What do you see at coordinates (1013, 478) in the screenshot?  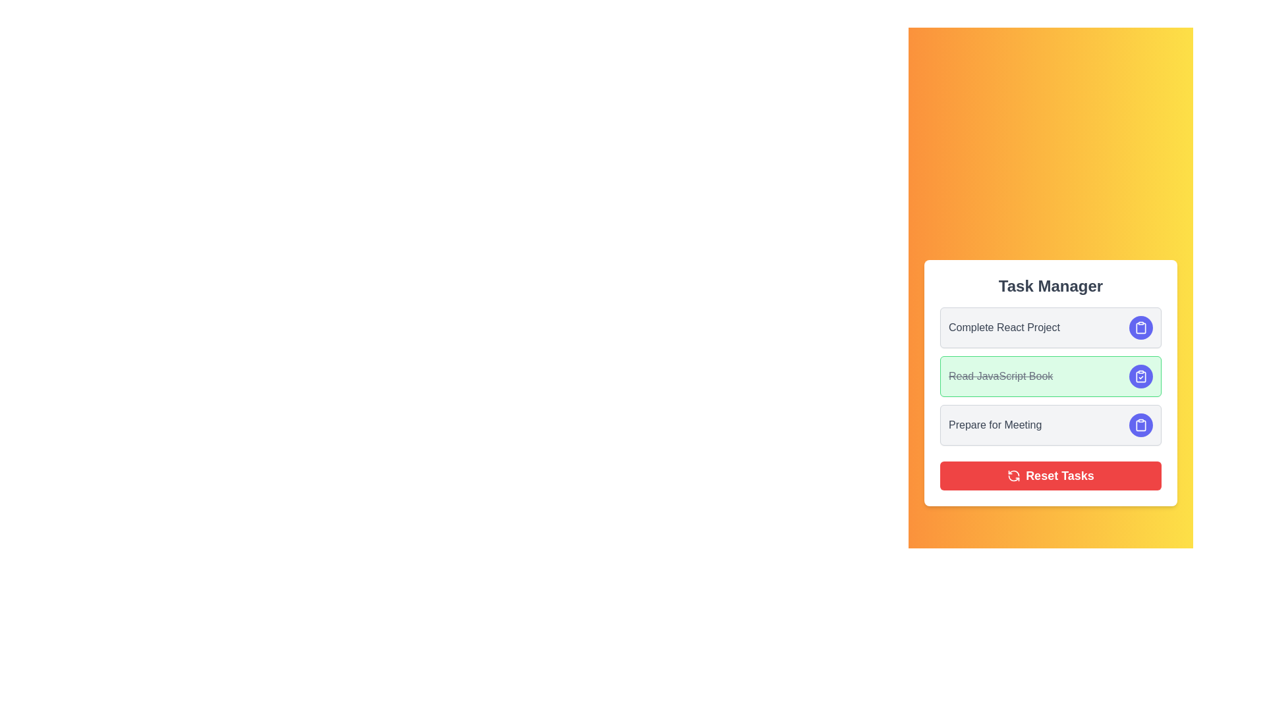 I see `the third segment of the SVG icon representing a refresh action, located in the upper-right portion of the card interface` at bounding box center [1013, 478].